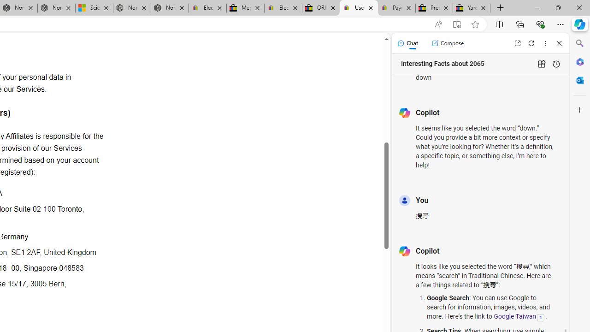  Describe the element at coordinates (396, 8) in the screenshot. I see `'Payments Terms of Use | eBay.com'` at that location.